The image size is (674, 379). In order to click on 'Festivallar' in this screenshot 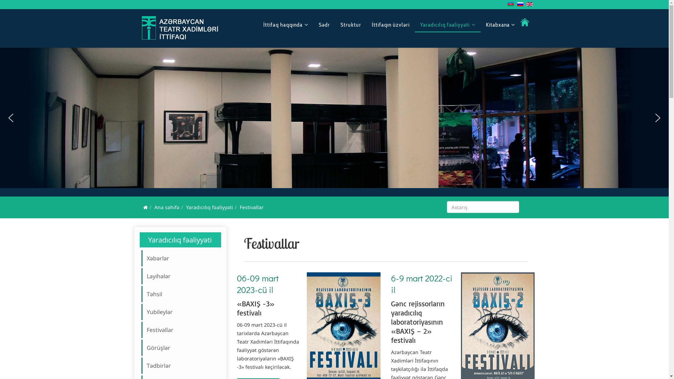, I will do `click(183, 330)`.